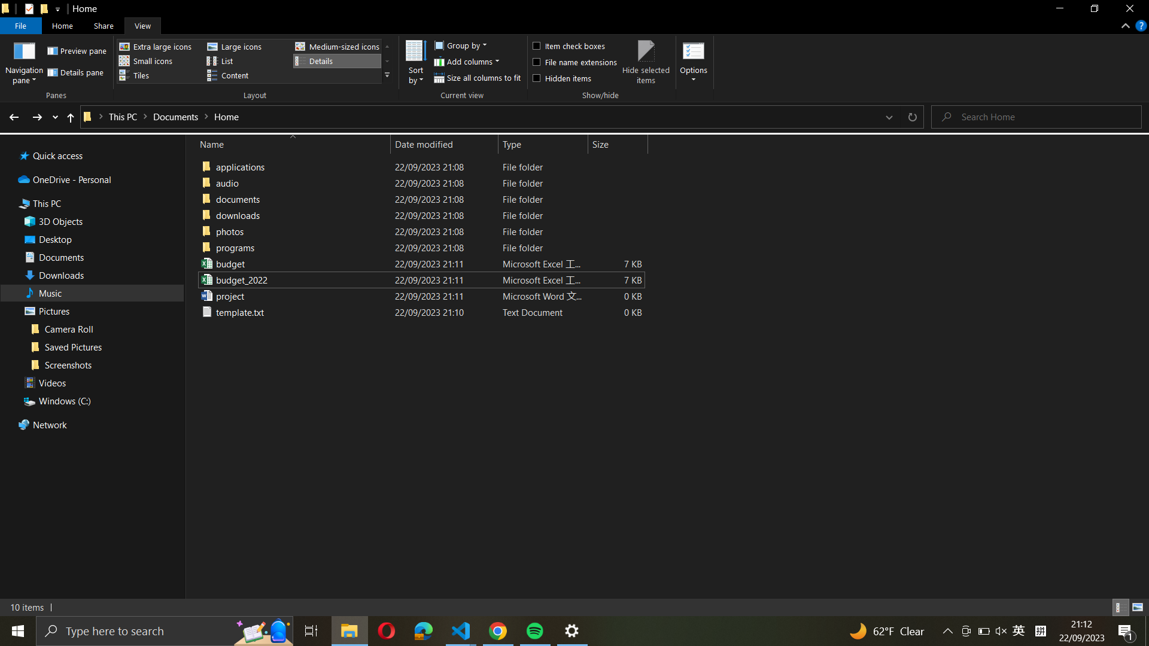 The image size is (1149, 646). Describe the element at coordinates (419, 214) in the screenshot. I see `Organize the files in "documents" directory in an alphabetical order` at that location.